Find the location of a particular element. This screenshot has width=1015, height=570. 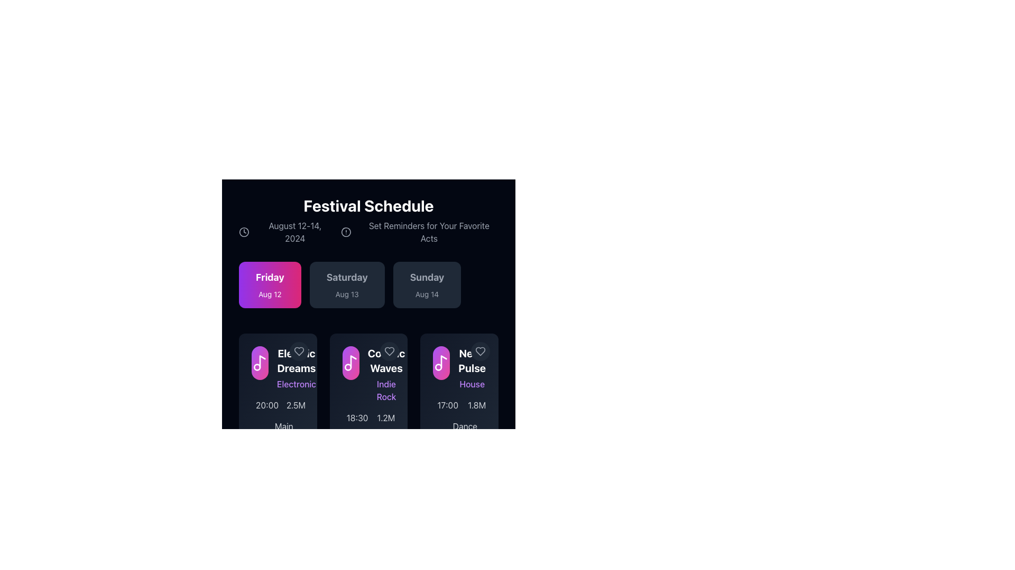

the Text Label displaying 'Dance Arena' styled in gray, located at the bottom edge of the card under the 'Neo Pulse' event details is located at coordinates (465, 433).